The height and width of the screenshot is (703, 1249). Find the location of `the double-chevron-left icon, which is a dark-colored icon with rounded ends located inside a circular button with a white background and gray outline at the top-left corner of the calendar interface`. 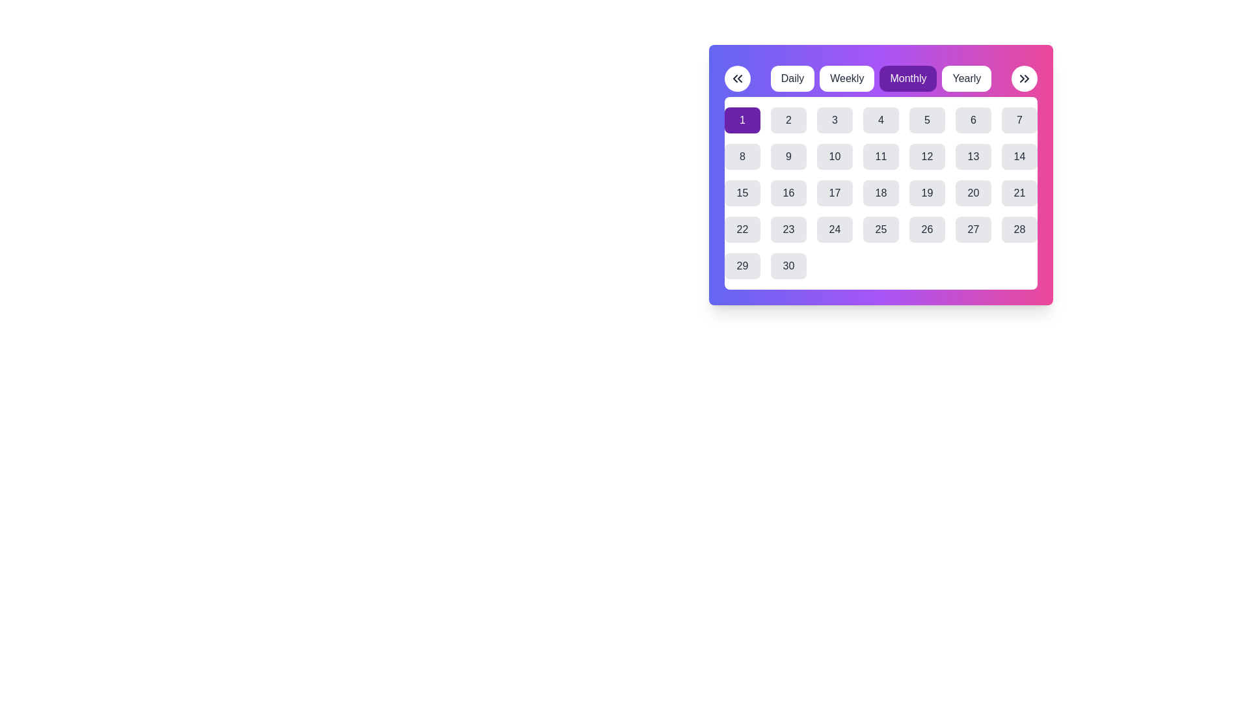

the double-chevron-left icon, which is a dark-colored icon with rounded ends located inside a circular button with a white background and gray outline at the top-left corner of the calendar interface is located at coordinates (737, 78).